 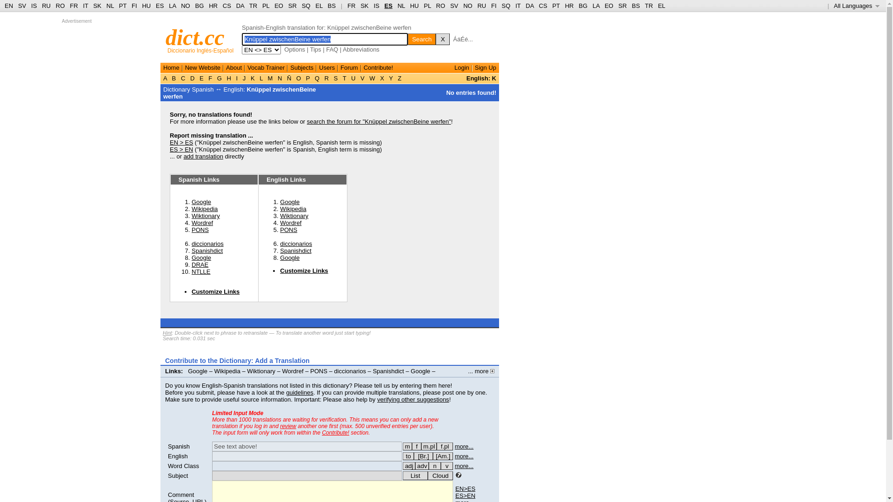 I want to click on 'Cloud', so click(x=440, y=476).